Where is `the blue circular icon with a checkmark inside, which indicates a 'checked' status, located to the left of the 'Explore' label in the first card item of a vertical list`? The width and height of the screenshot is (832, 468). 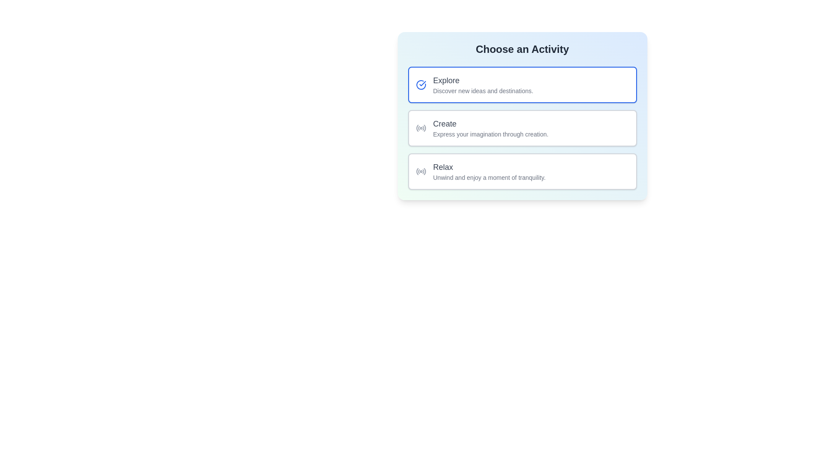
the blue circular icon with a checkmark inside, which indicates a 'checked' status, located to the left of the 'Explore' label in the first card item of a vertical list is located at coordinates (421, 85).